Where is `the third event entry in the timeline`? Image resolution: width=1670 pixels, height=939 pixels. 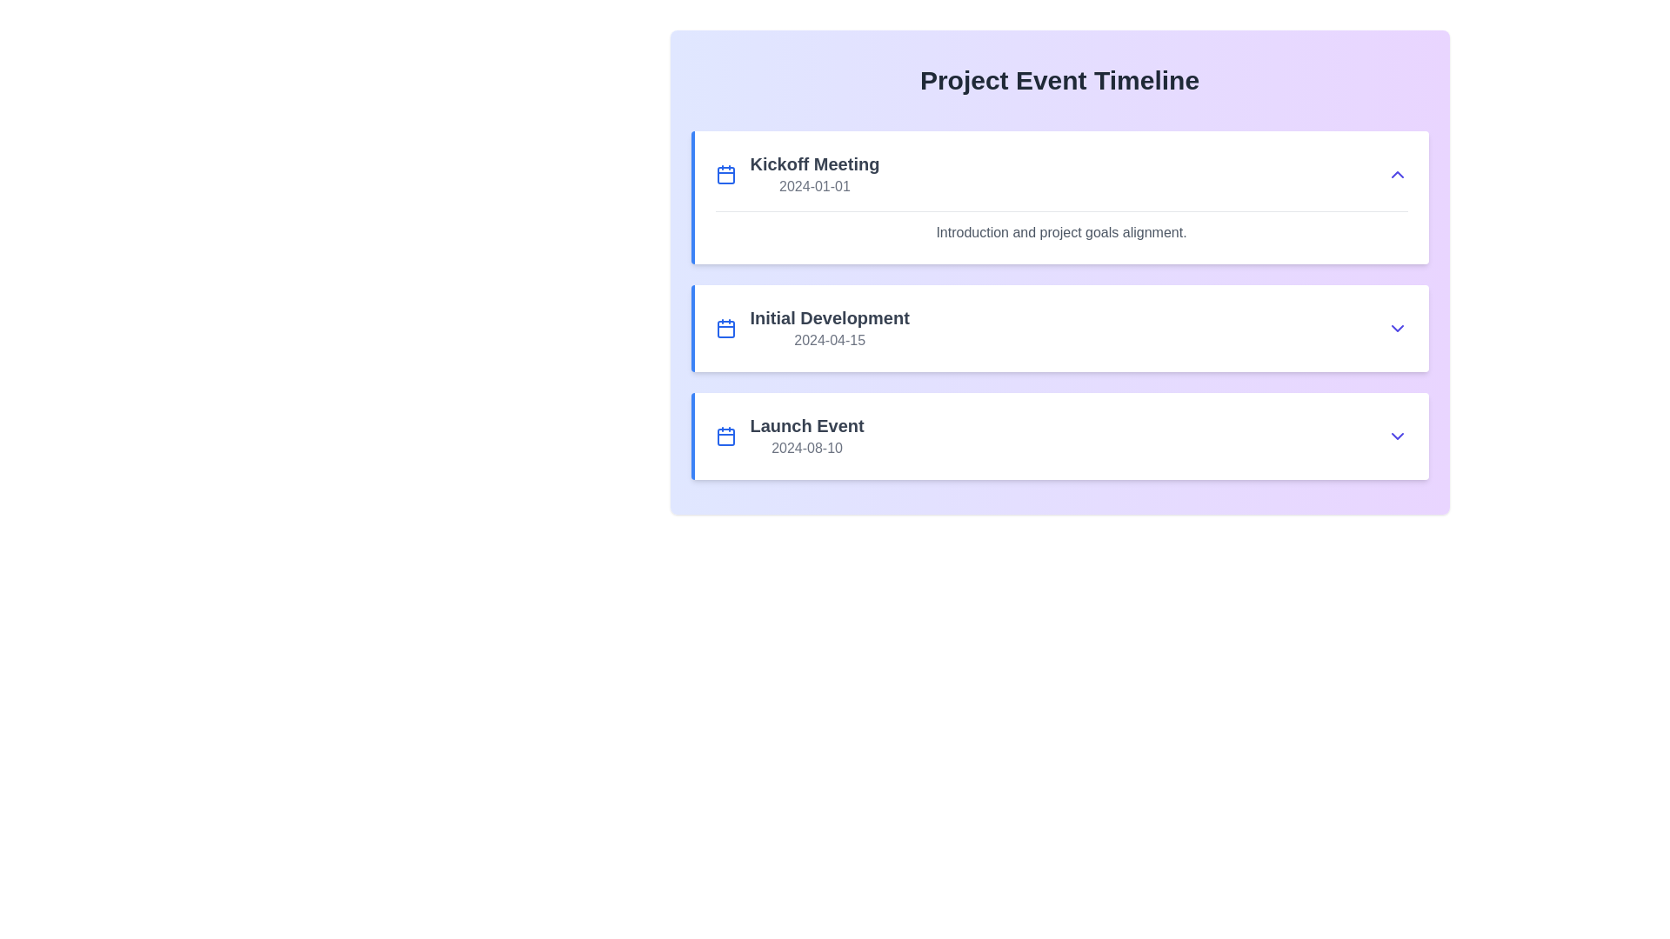
the third event entry in the timeline is located at coordinates (1059, 435).